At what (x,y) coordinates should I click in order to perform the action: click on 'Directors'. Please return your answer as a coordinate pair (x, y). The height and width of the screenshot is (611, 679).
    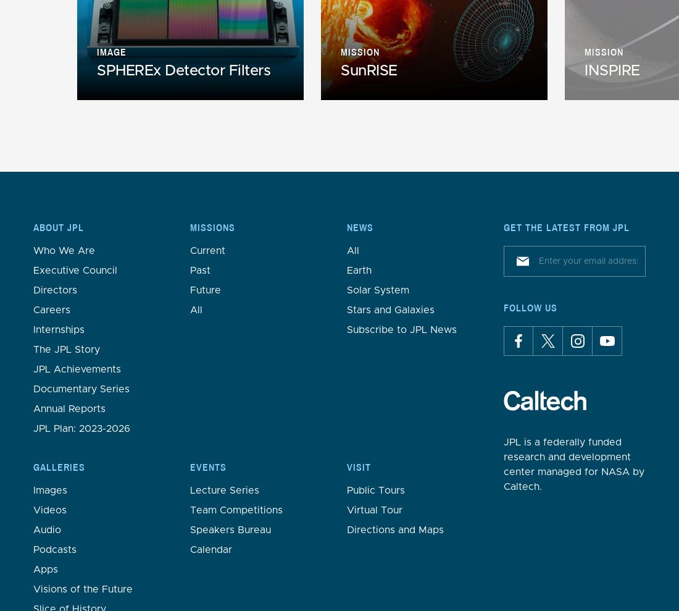
    Looking at the image, I should click on (55, 289).